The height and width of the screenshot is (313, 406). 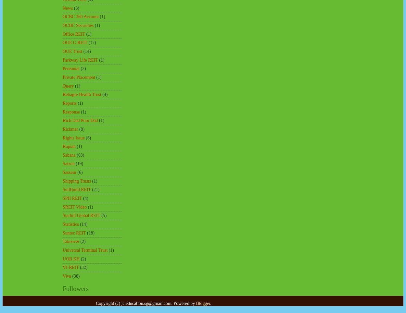 I want to click on 'Parkway Life REIT', so click(x=80, y=59).